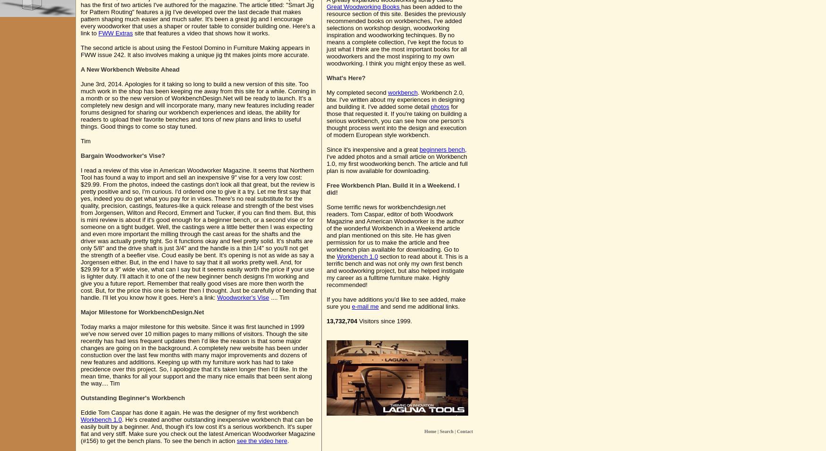 This screenshot has width=826, height=451. What do you see at coordinates (395, 231) in the screenshot?
I see `'Some terrific news for workbenchdesign.net readers. Tom Caspar, editor of both Woodwork Magazine and American Woodworker is the author of the wonderful Workbench in a Weekend article and plan mentioned on this site. He has given permission for us to make the article and free workbench plan available for downloading. Go to the'` at bounding box center [395, 231].